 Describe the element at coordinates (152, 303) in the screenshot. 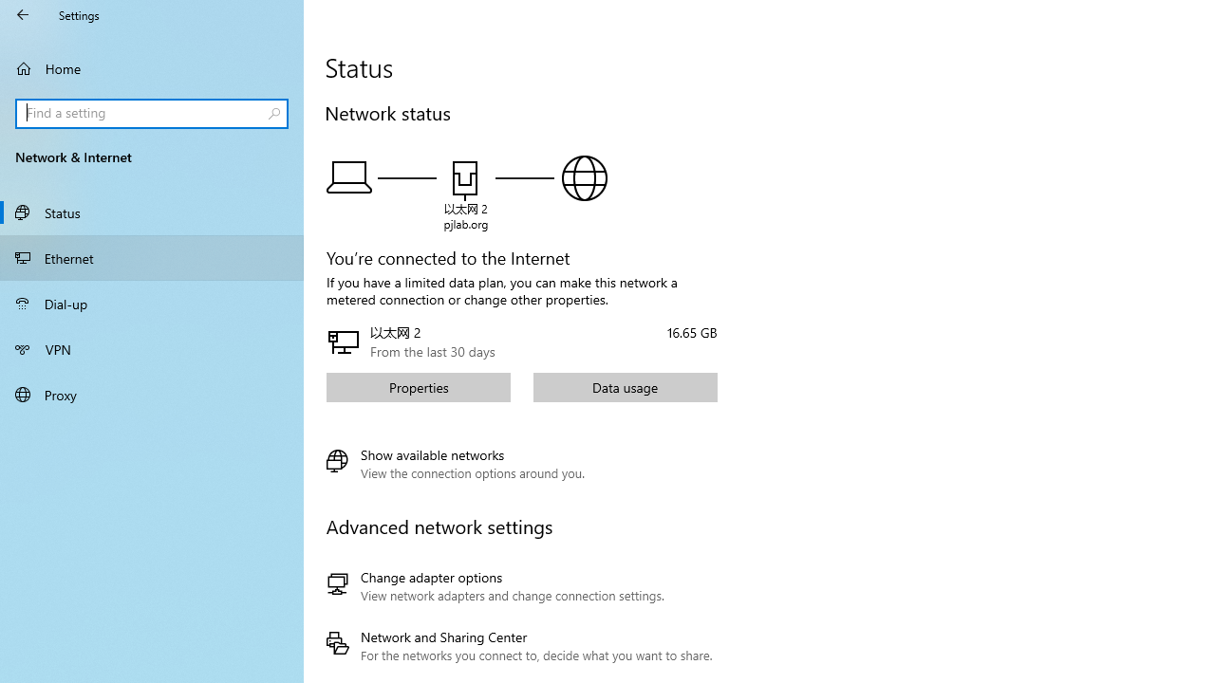

I see `'Dial-up'` at that location.